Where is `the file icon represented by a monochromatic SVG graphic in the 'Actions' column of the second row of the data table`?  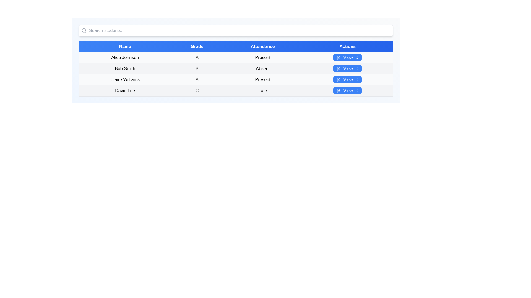 the file icon represented by a monochromatic SVG graphic in the 'Actions' column of the second row of the data table is located at coordinates (339, 68).